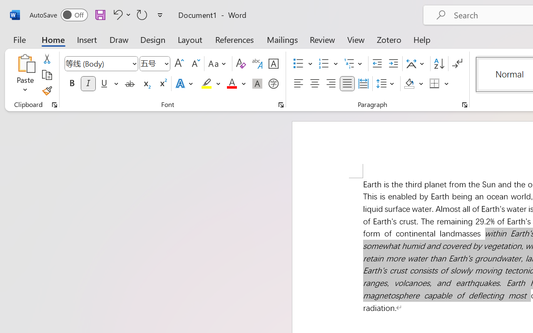  What do you see at coordinates (393, 64) in the screenshot?
I see `'Increase Indent'` at bounding box center [393, 64].